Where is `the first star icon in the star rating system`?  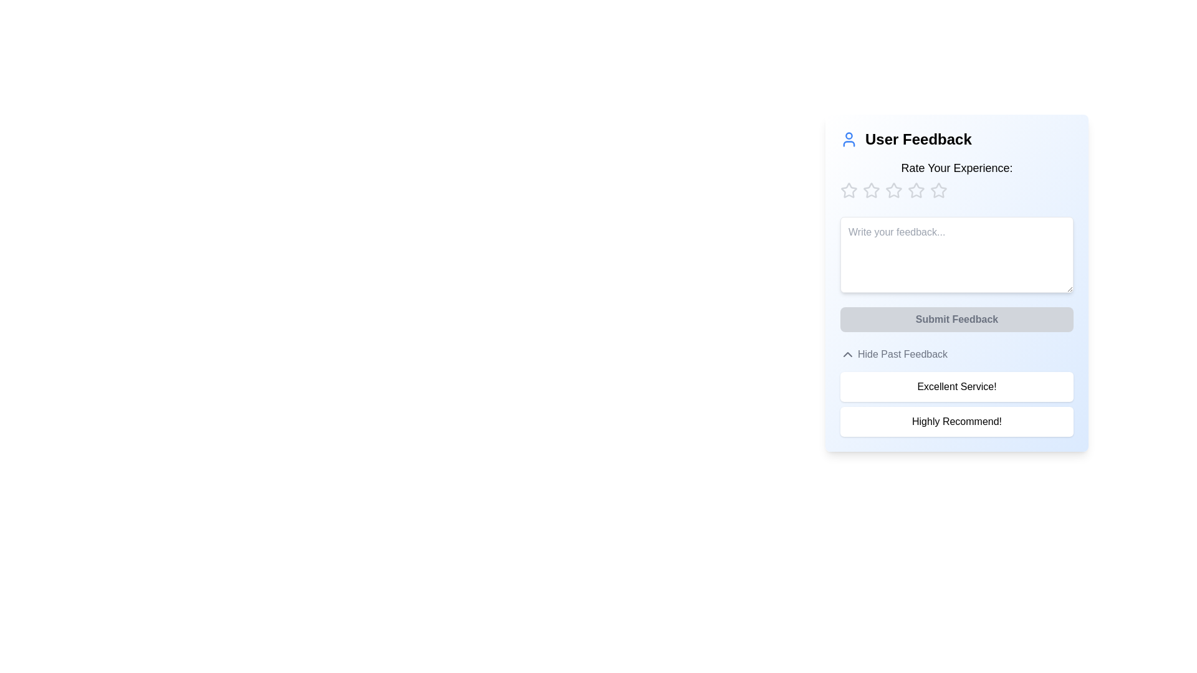
the first star icon in the star rating system is located at coordinates (848, 190).